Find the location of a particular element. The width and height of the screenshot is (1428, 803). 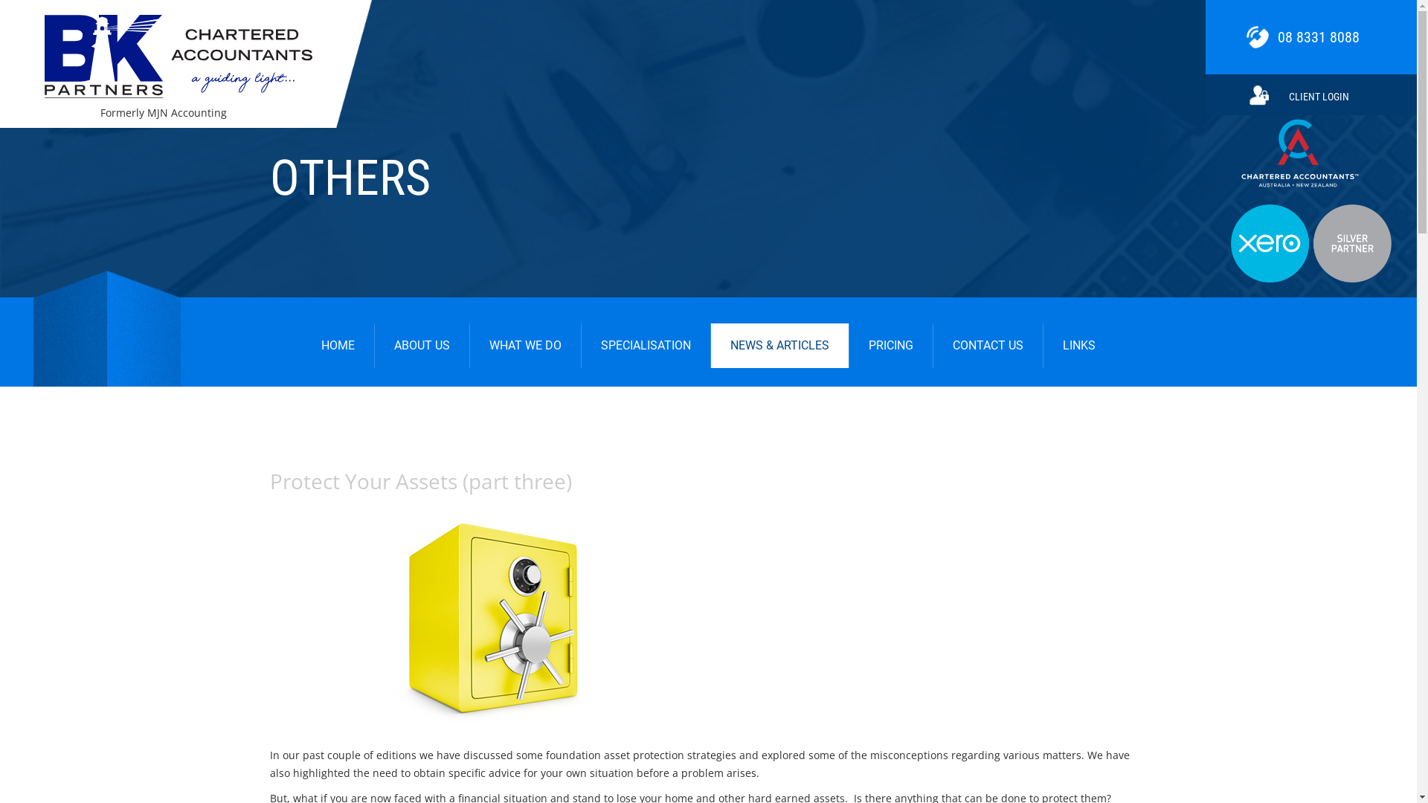

'SPECIALISATION' is located at coordinates (646, 346).